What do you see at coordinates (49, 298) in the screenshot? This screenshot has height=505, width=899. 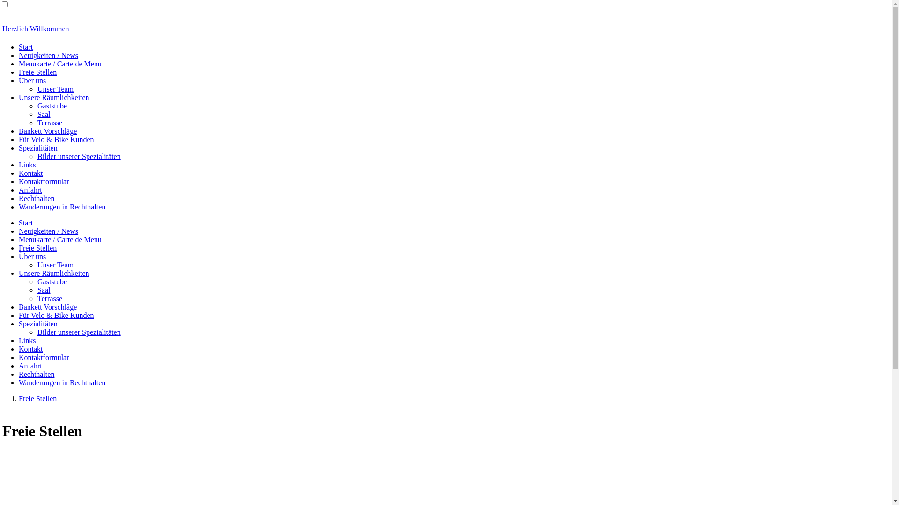 I see `'Terrasse'` at bounding box center [49, 298].